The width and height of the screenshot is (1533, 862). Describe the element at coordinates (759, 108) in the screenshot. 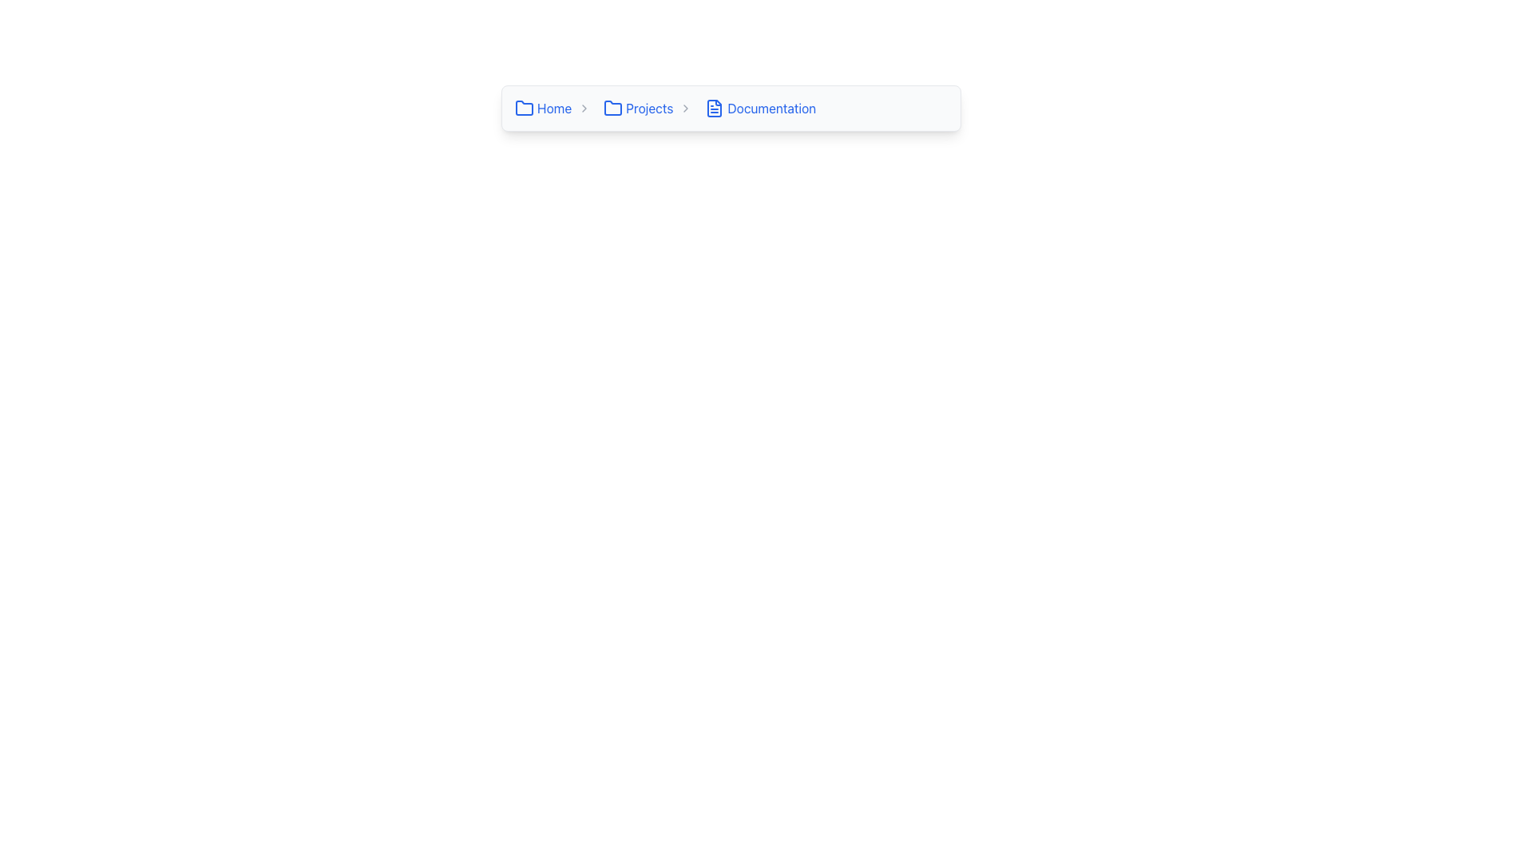

I see `the hyperlinked text labeled 'Documentation' in the breadcrumb navigation` at that location.